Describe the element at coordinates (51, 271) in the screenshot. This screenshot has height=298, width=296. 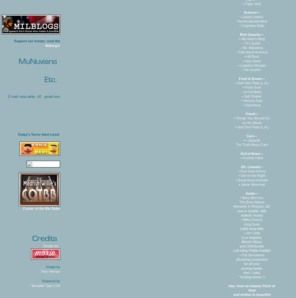
I see `'Rion Vernon'` at that location.